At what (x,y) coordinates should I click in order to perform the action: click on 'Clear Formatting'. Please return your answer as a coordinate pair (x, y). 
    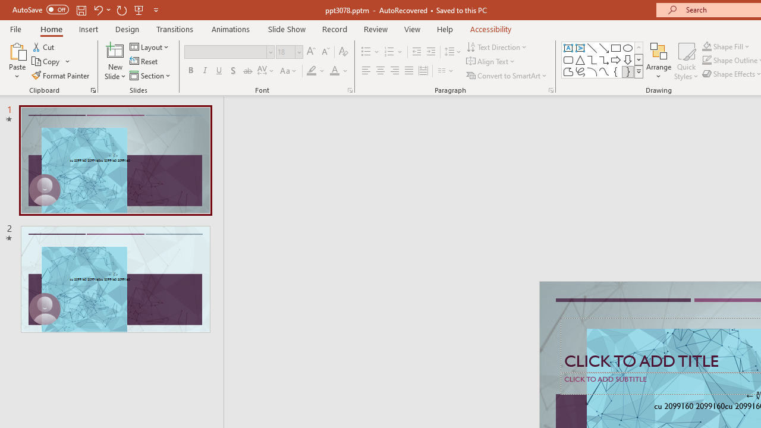
    Looking at the image, I should click on (342, 51).